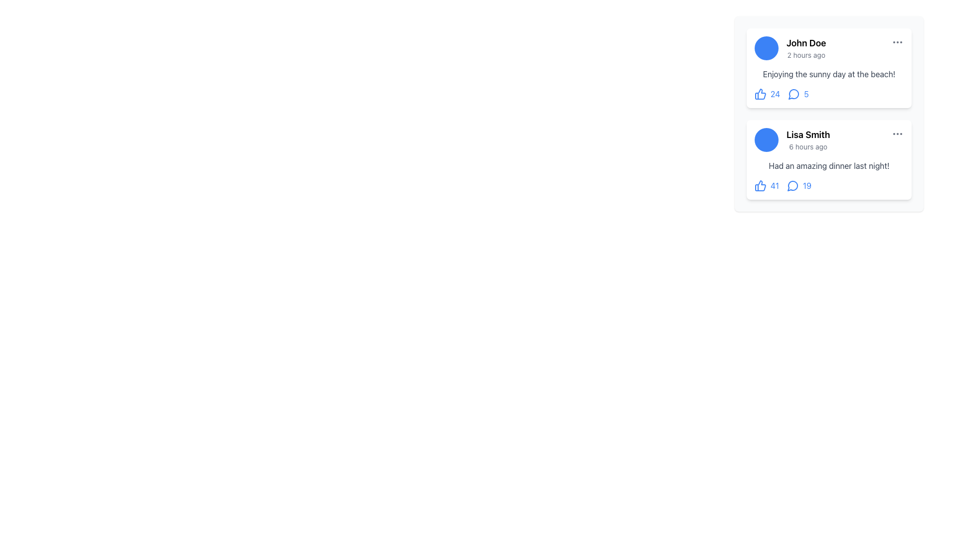  I want to click on name 'John Doe' and the timestamp '2 hours ago' from the Composite text component located in the top card, positioned to the right of the circular blue avatar, so click(806, 48).